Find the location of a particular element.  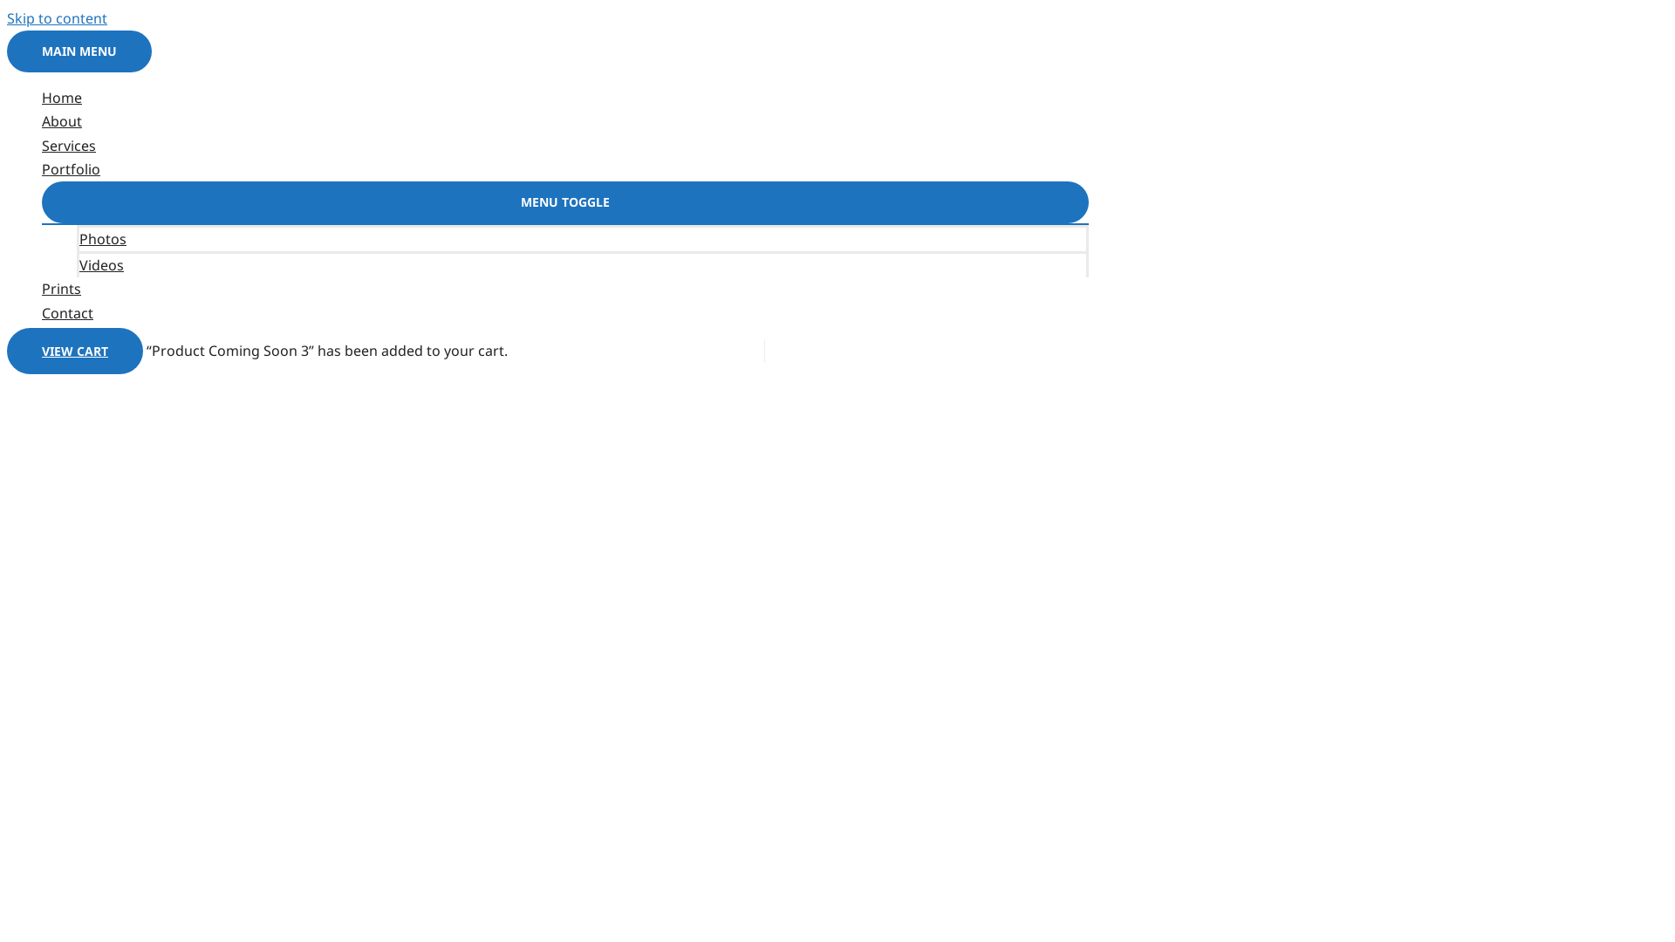

'Skip to content' is located at coordinates (57, 17).